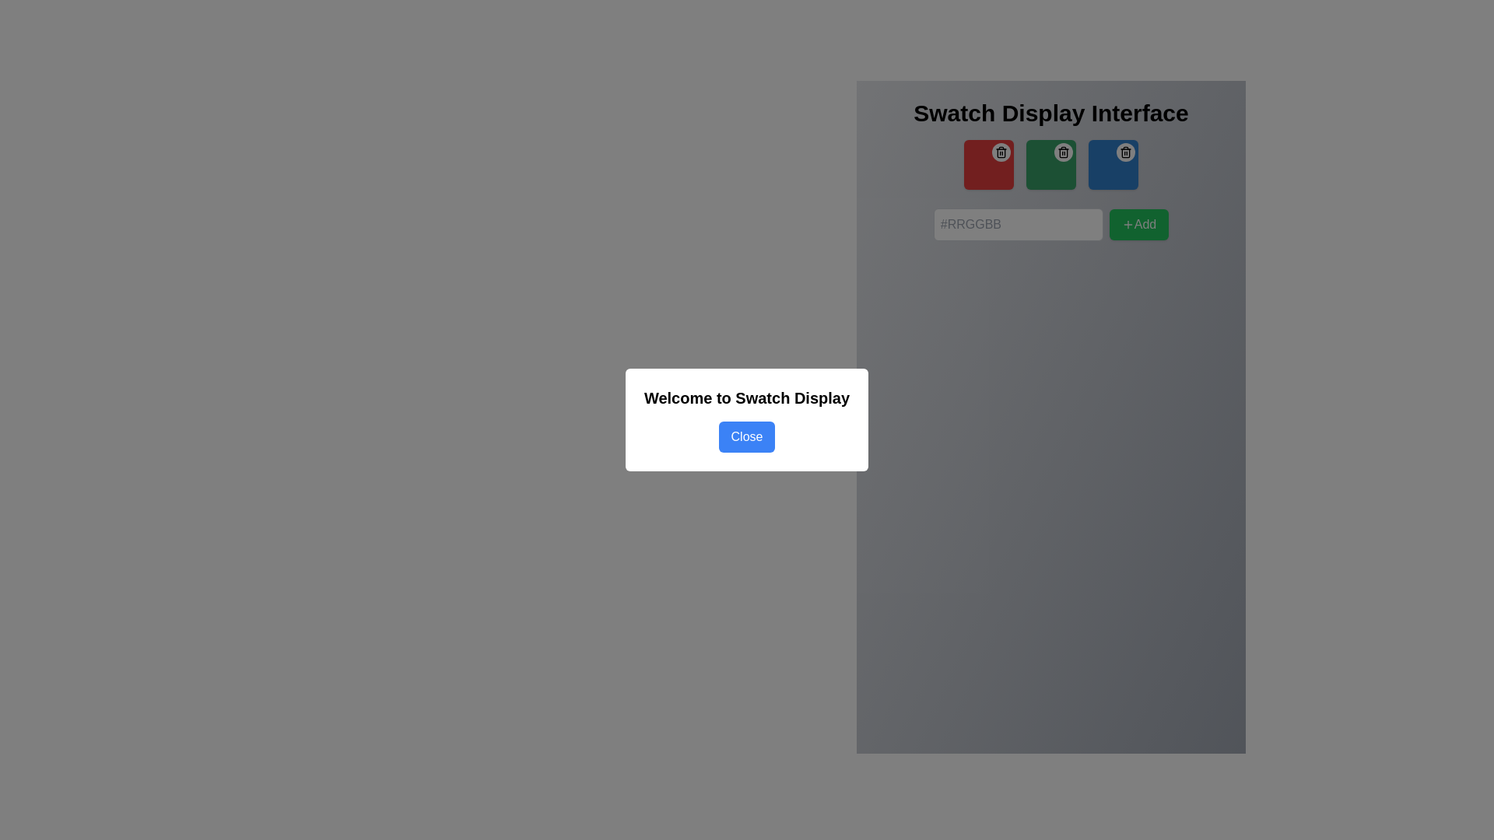 This screenshot has height=840, width=1494. What do you see at coordinates (1063, 152) in the screenshot?
I see `the trash bin icon button located at the top-right corner of the green square swatch` at bounding box center [1063, 152].